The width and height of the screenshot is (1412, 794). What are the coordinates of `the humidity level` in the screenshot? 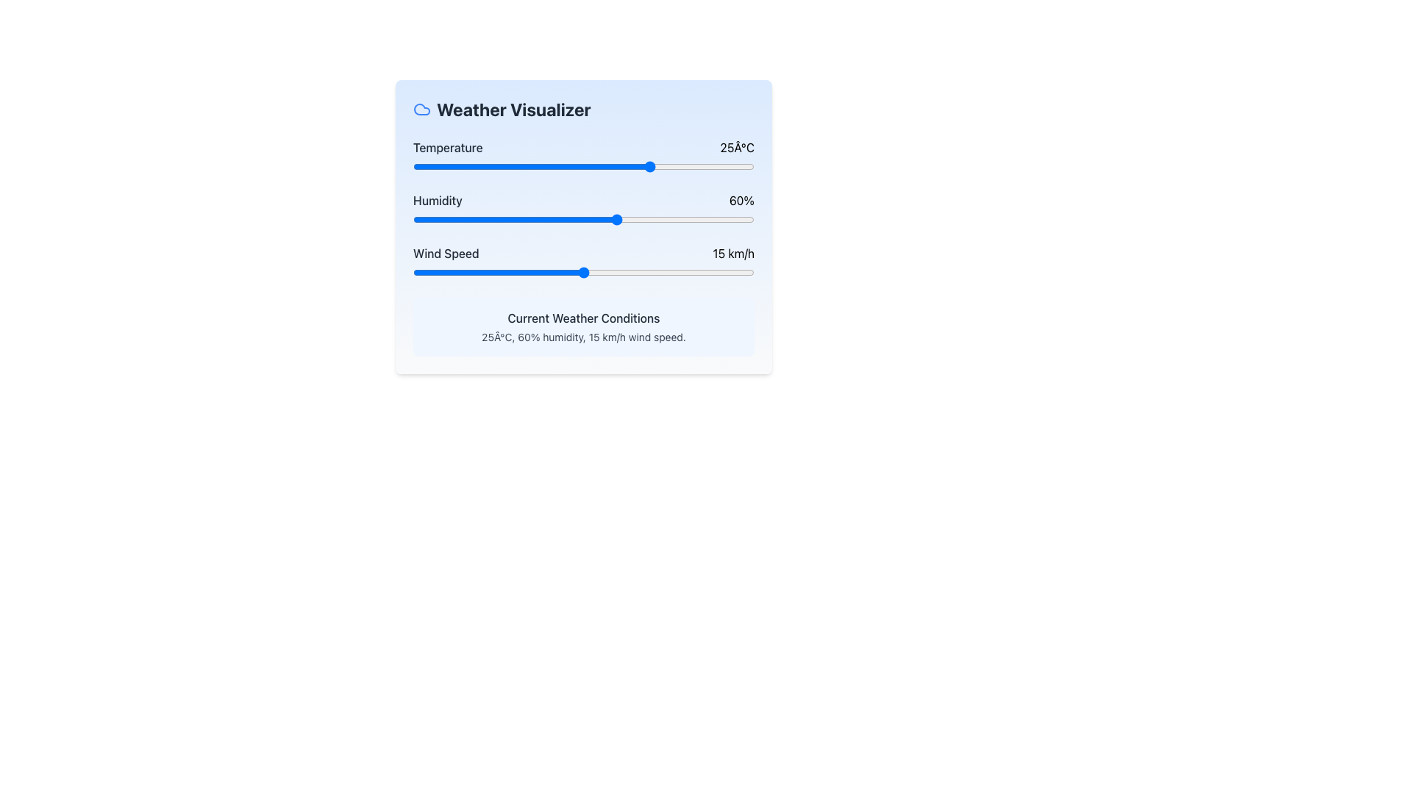 It's located at (559, 220).